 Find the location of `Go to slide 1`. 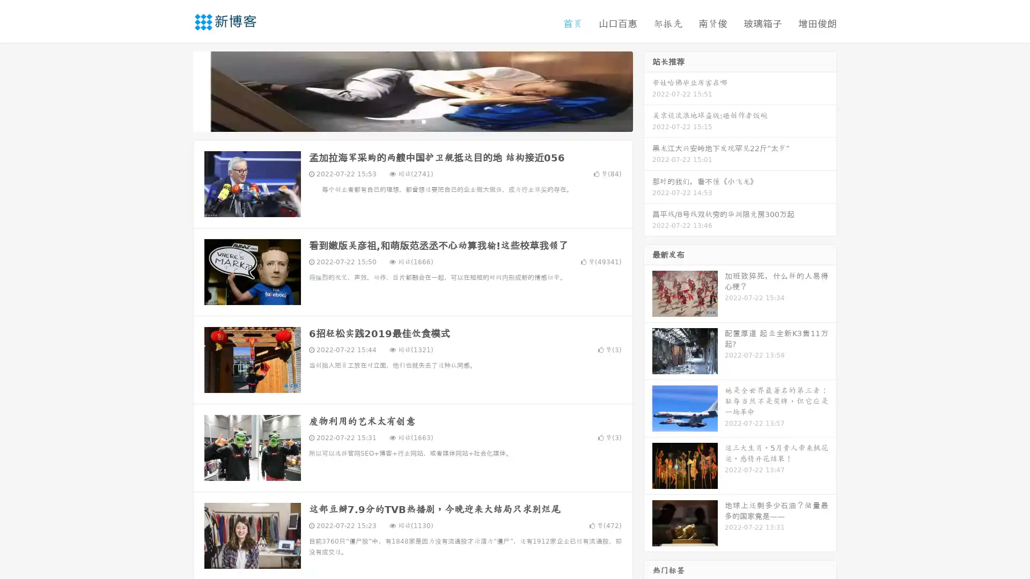

Go to slide 1 is located at coordinates (401, 121).